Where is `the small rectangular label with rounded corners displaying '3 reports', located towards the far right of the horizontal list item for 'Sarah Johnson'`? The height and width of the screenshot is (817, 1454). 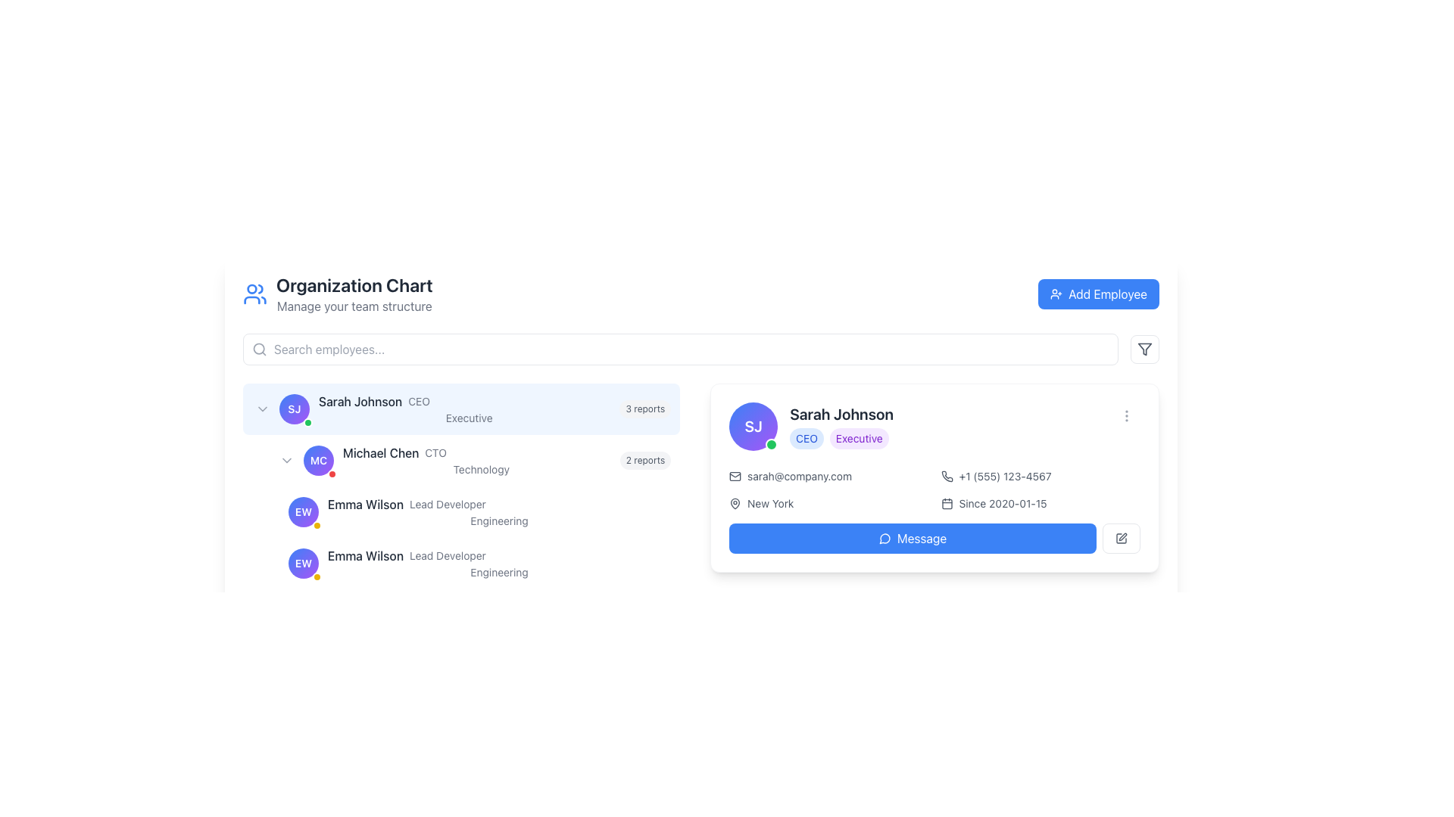
the small rectangular label with rounded corners displaying '3 reports', located towards the far right of the horizontal list item for 'Sarah Johnson' is located at coordinates (645, 408).